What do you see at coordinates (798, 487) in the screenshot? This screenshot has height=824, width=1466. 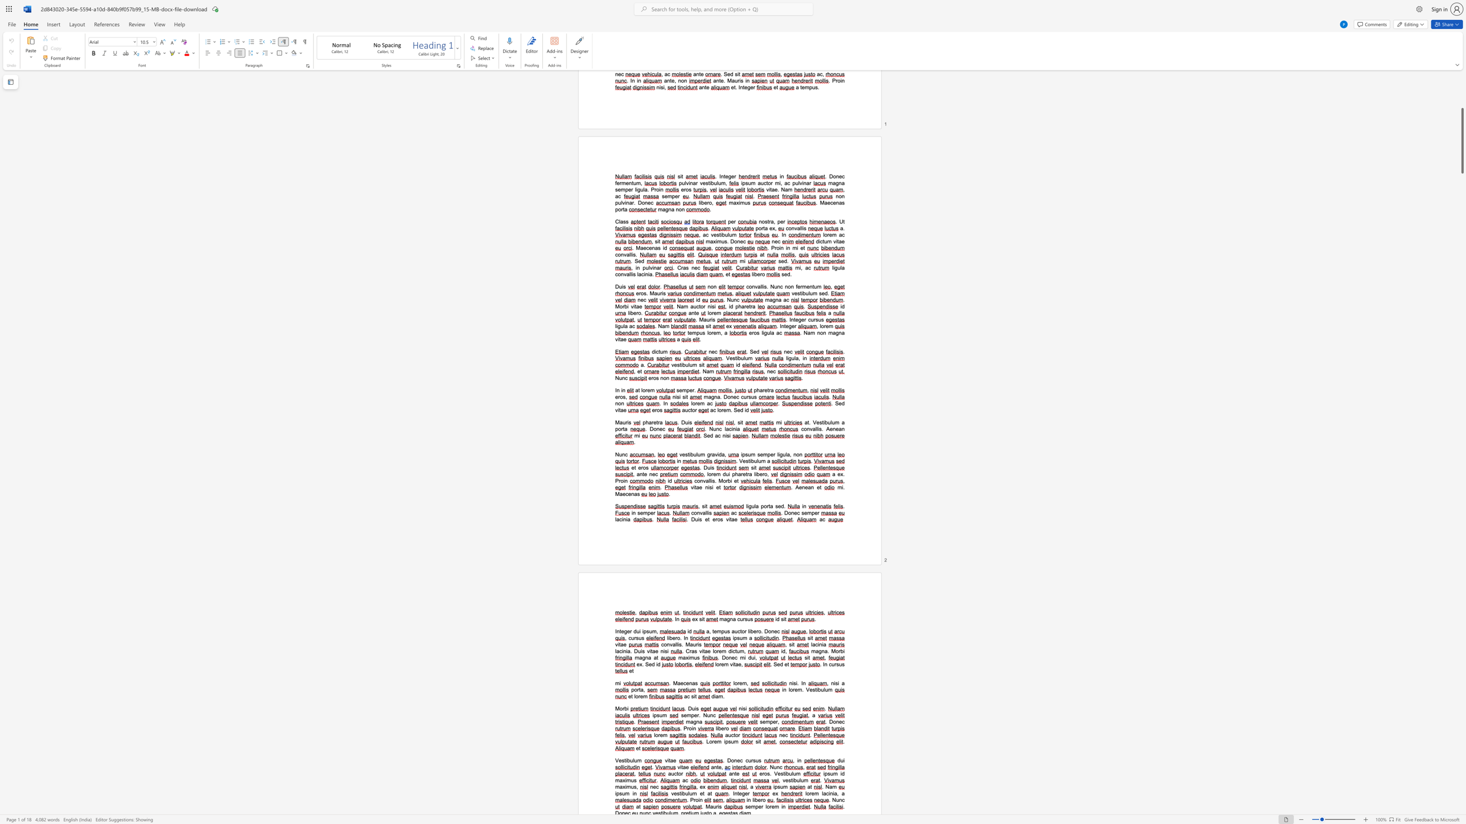 I see `the space between the continuous character "A" and "e" in the text` at bounding box center [798, 487].